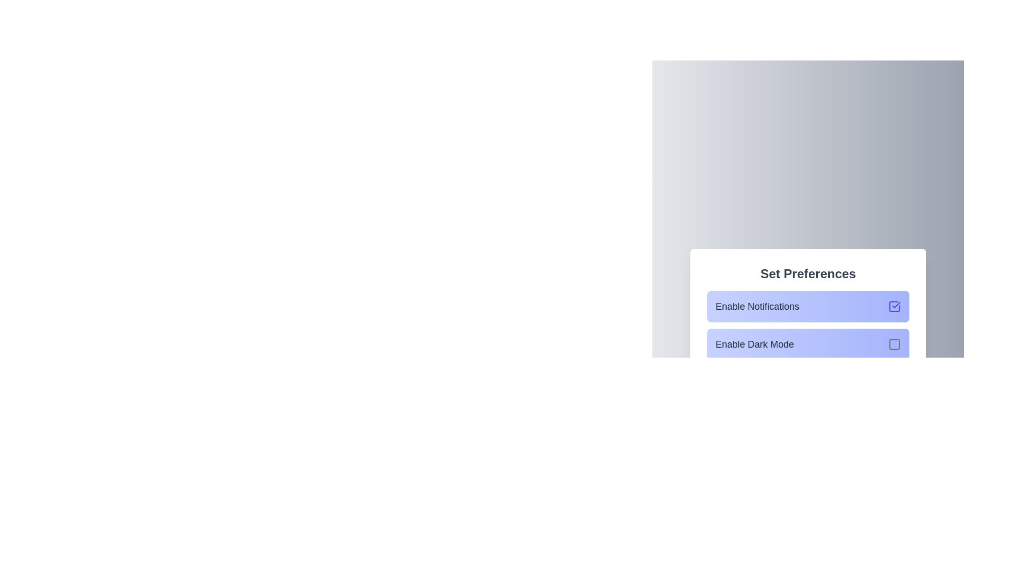 This screenshot has height=568, width=1011. What do you see at coordinates (894, 344) in the screenshot?
I see `the icon corresponding to the state of Enable Dark Mode` at bounding box center [894, 344].